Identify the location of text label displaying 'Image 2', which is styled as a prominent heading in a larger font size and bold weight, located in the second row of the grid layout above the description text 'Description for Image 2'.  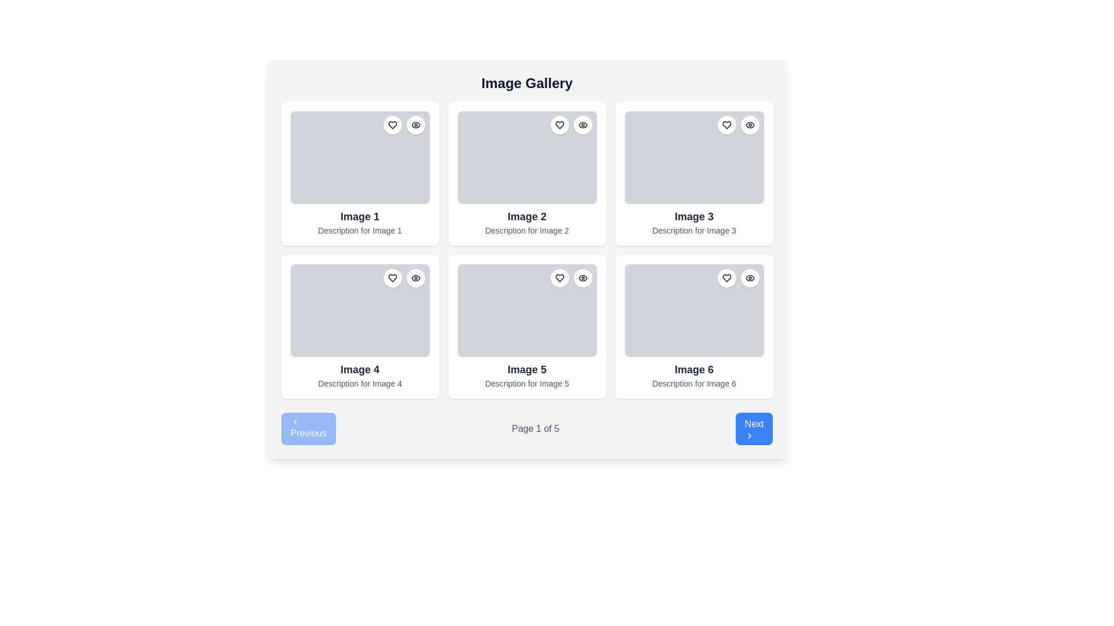
(526, 217).